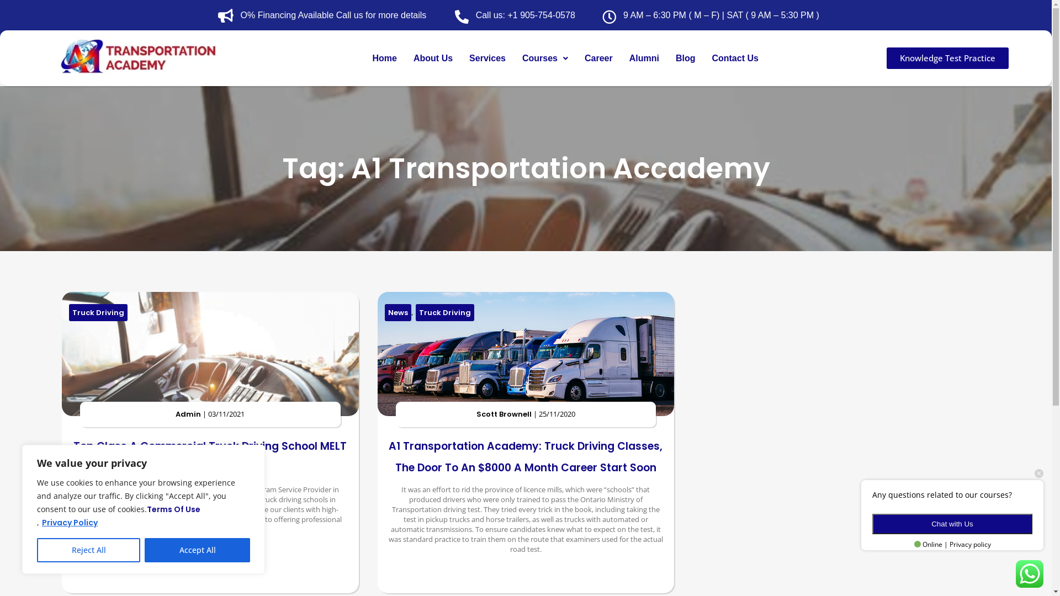  What do you see at coordinates (598, 57) in the screenshot?
I see `'Career'` at bounding box center [598, 57].